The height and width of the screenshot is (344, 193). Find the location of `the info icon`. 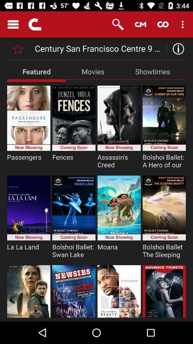

the info icon is located at coordinates (176, 48).